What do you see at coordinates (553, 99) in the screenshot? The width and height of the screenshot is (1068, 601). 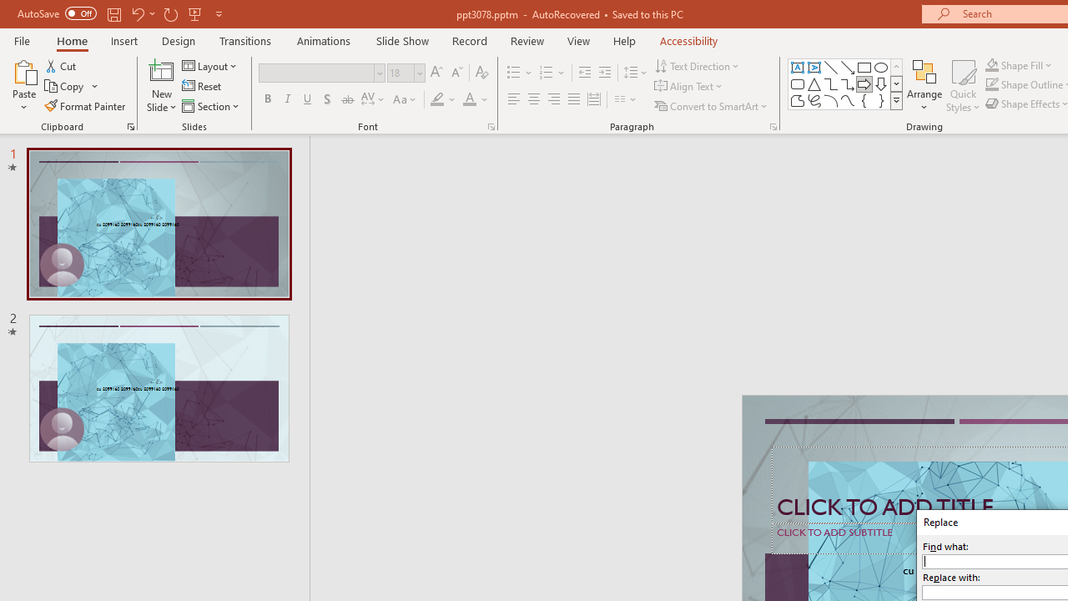 I see `'Align Right'` at bounding box center [553, 99].